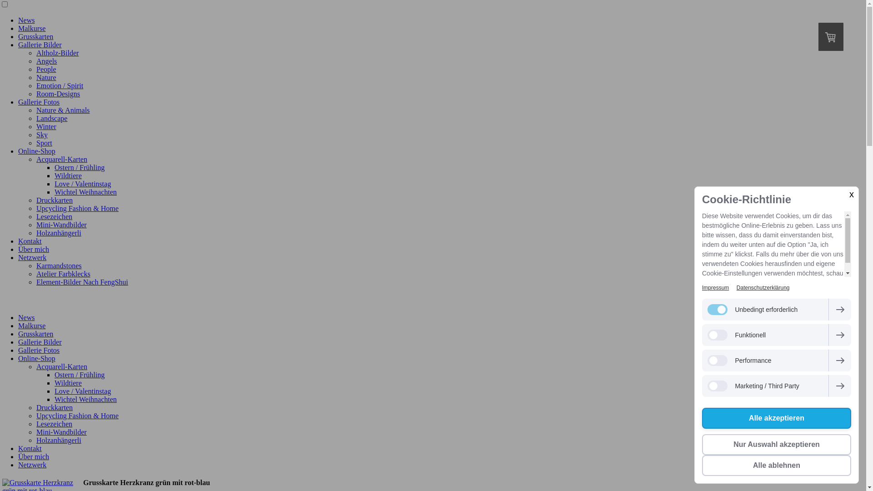  What do you see at coordinates (36, 143) in the screenshot?
I see `'Sport'` at bounding box center [36, 143].